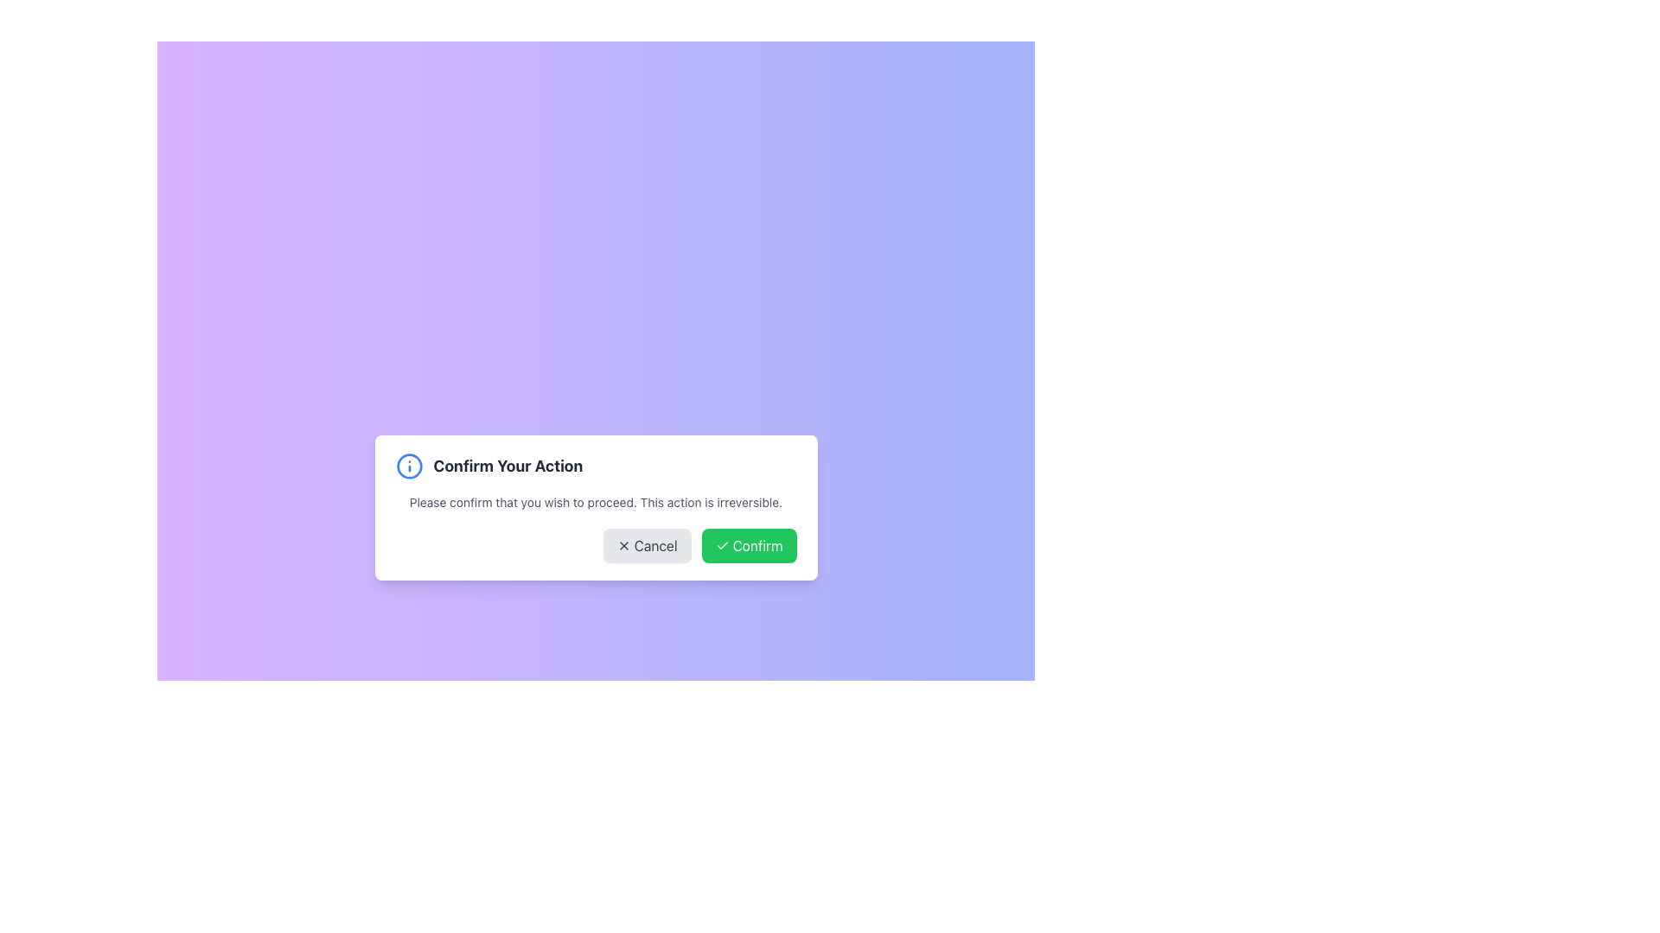 The height and width of the screenshot is (933, 1660). Describe the element at coordinates (749, 546) in the screenshot. I see `the 'Confirm' button, which is a rectangular button with a green background and white text featuring a white check mark icon, located in the footer region of a modal dialog box` at that location.